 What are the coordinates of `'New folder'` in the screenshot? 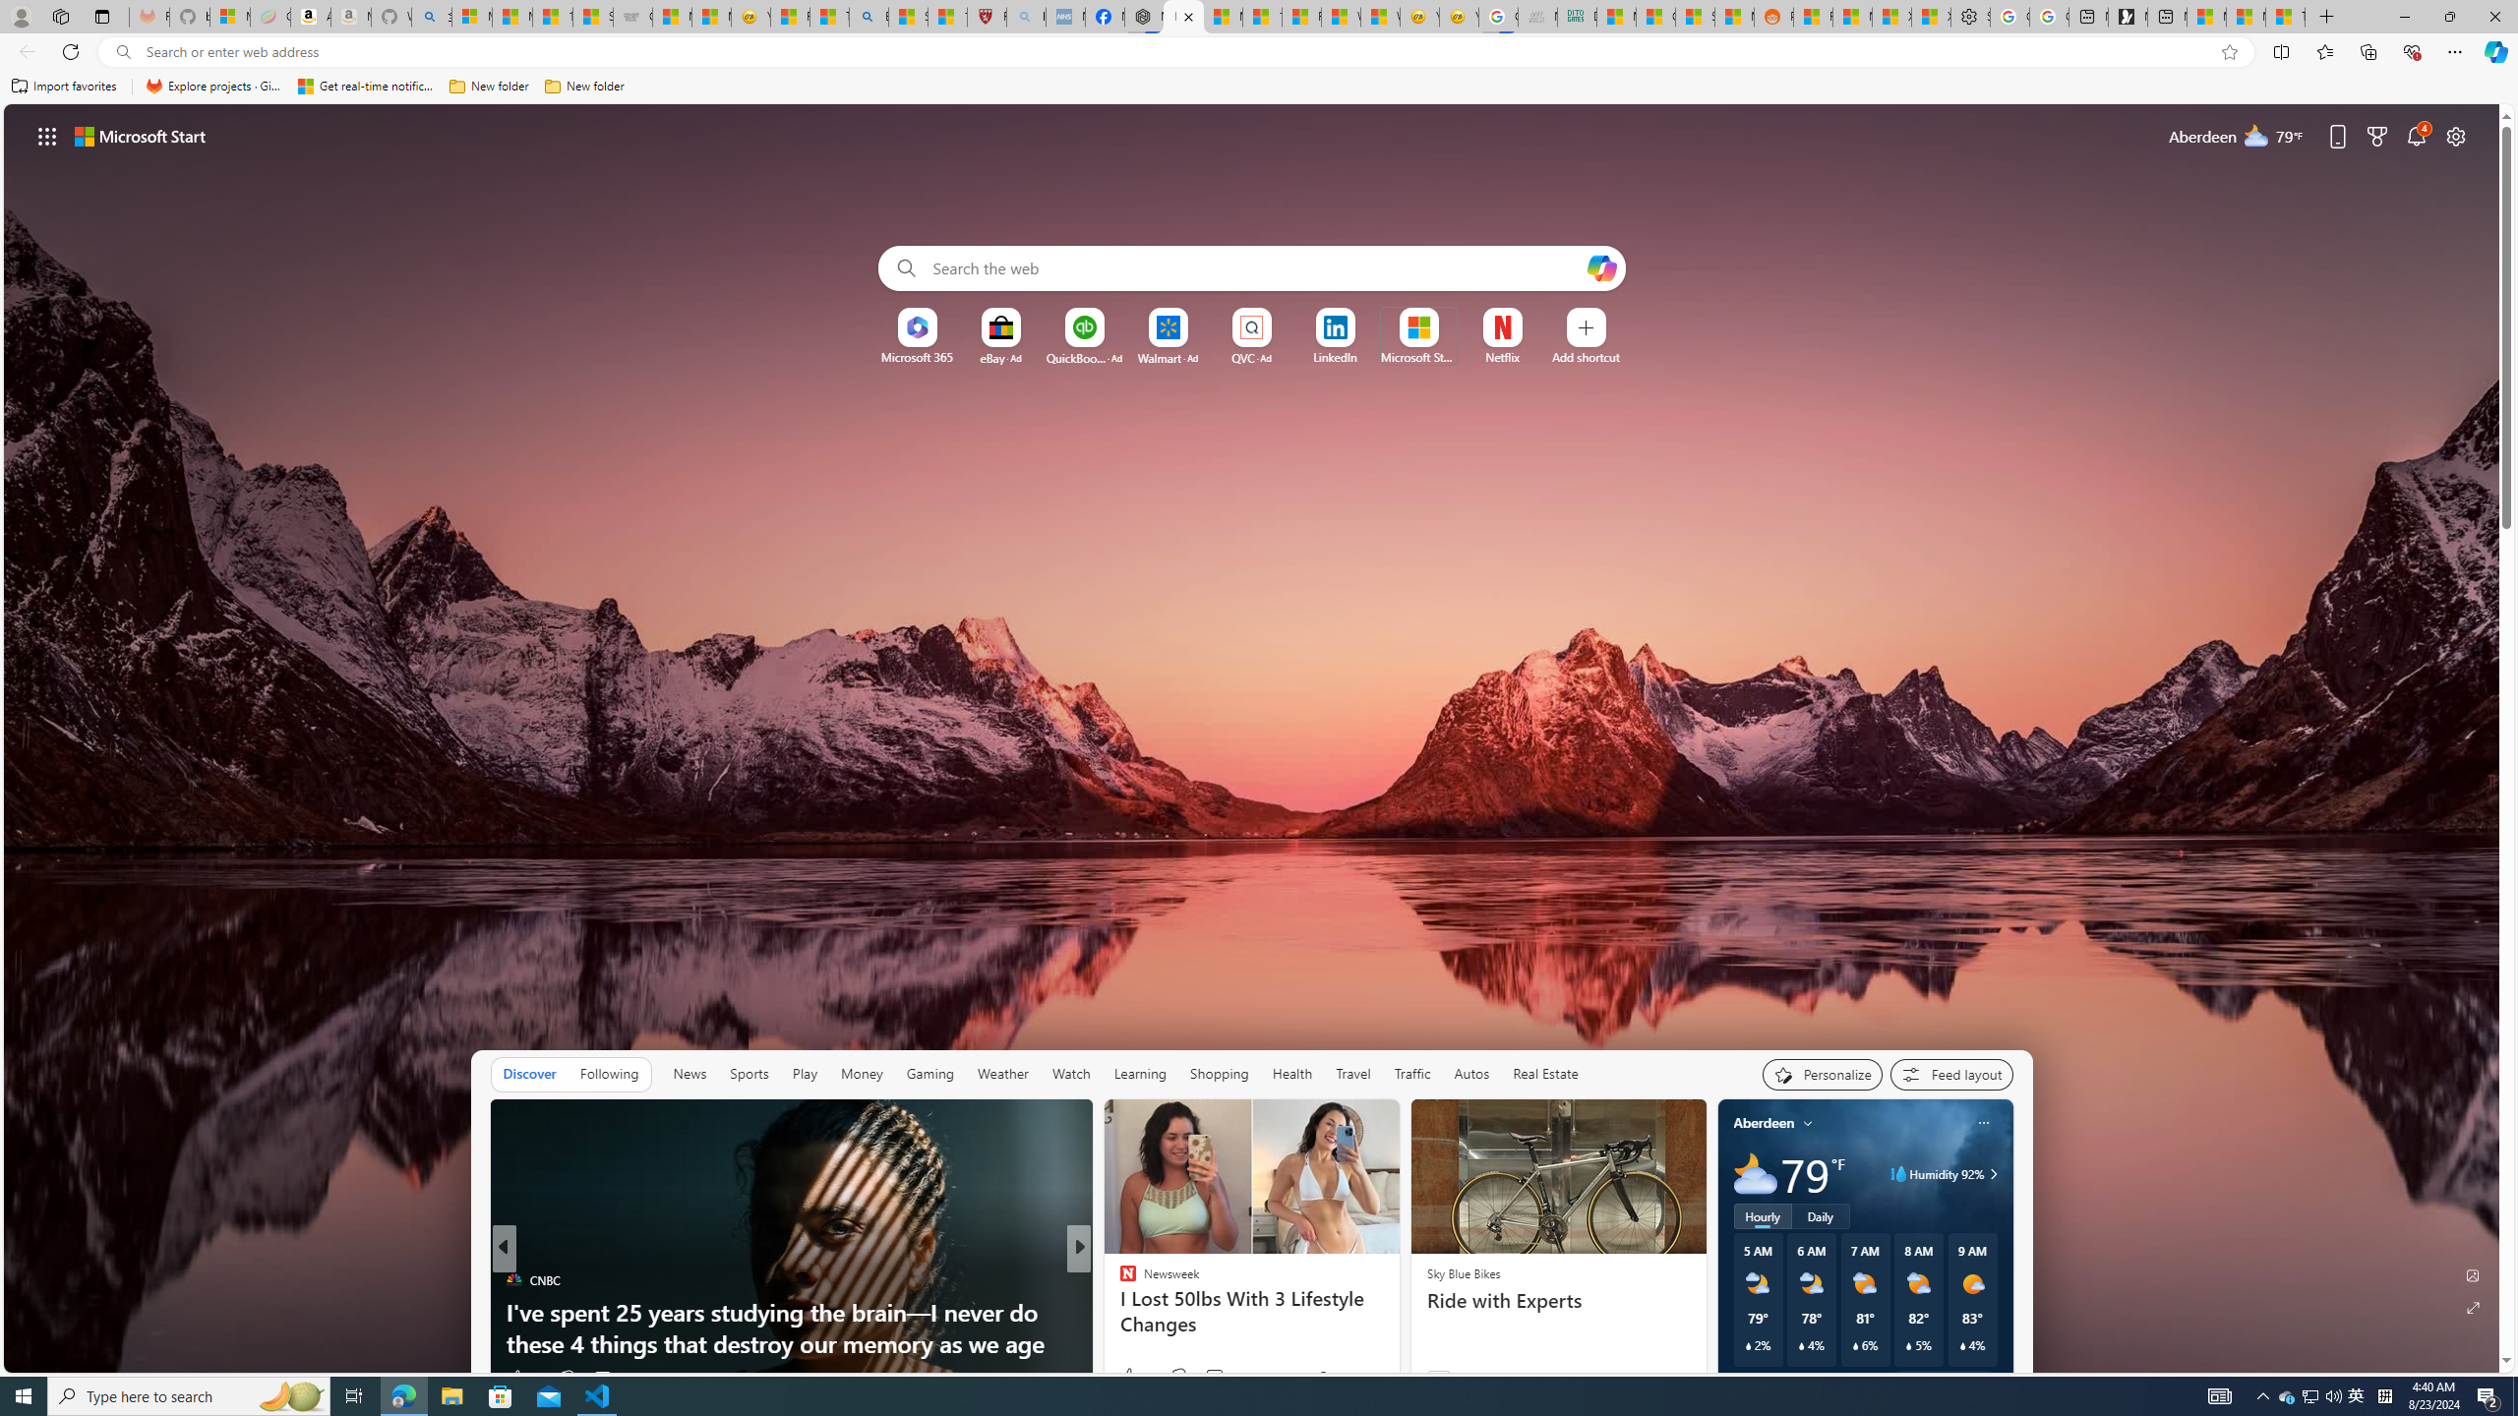 It's located at (582, 86).